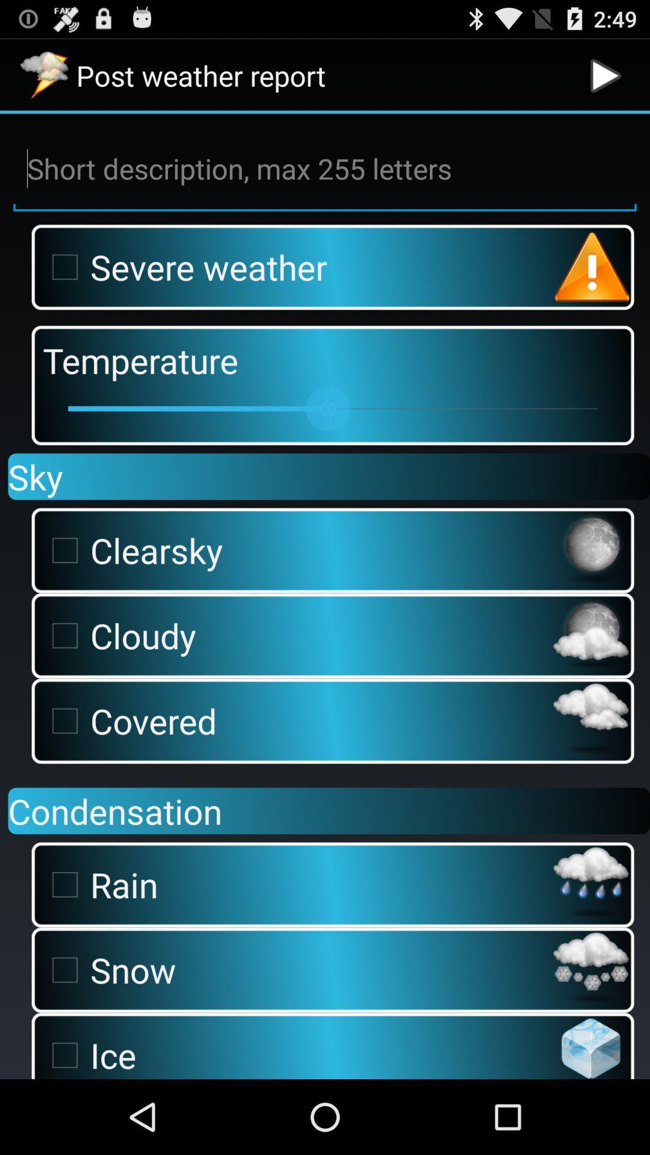 This screenshot has height=1155, width=650. Describe the element at coordinates (605, 75) in the screenshot. I see `the item to the right of the post weather report icon` at that location.